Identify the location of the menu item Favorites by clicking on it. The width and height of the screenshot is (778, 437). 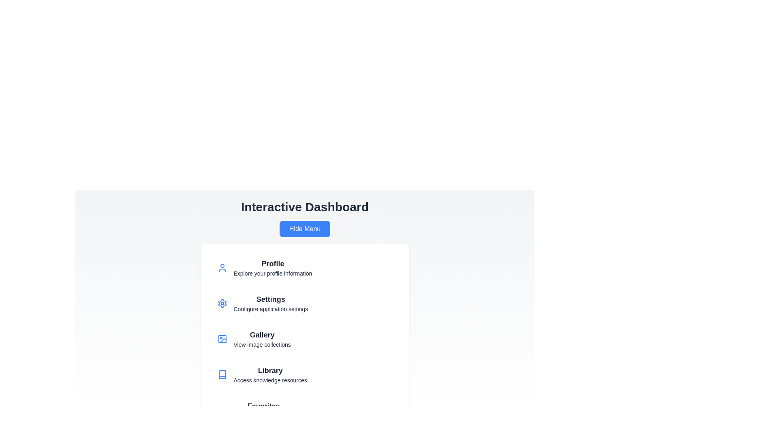
(304, 410).